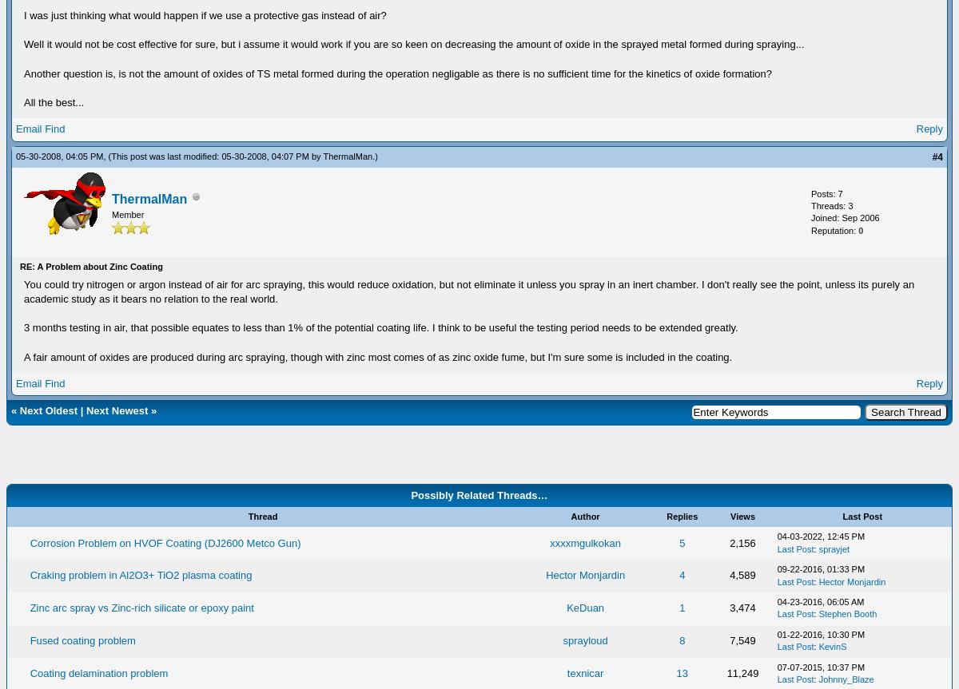  What do you see at coordinates (373, 156) in the screenshot?
I see `'.)'` at bounding box center [373, 156].